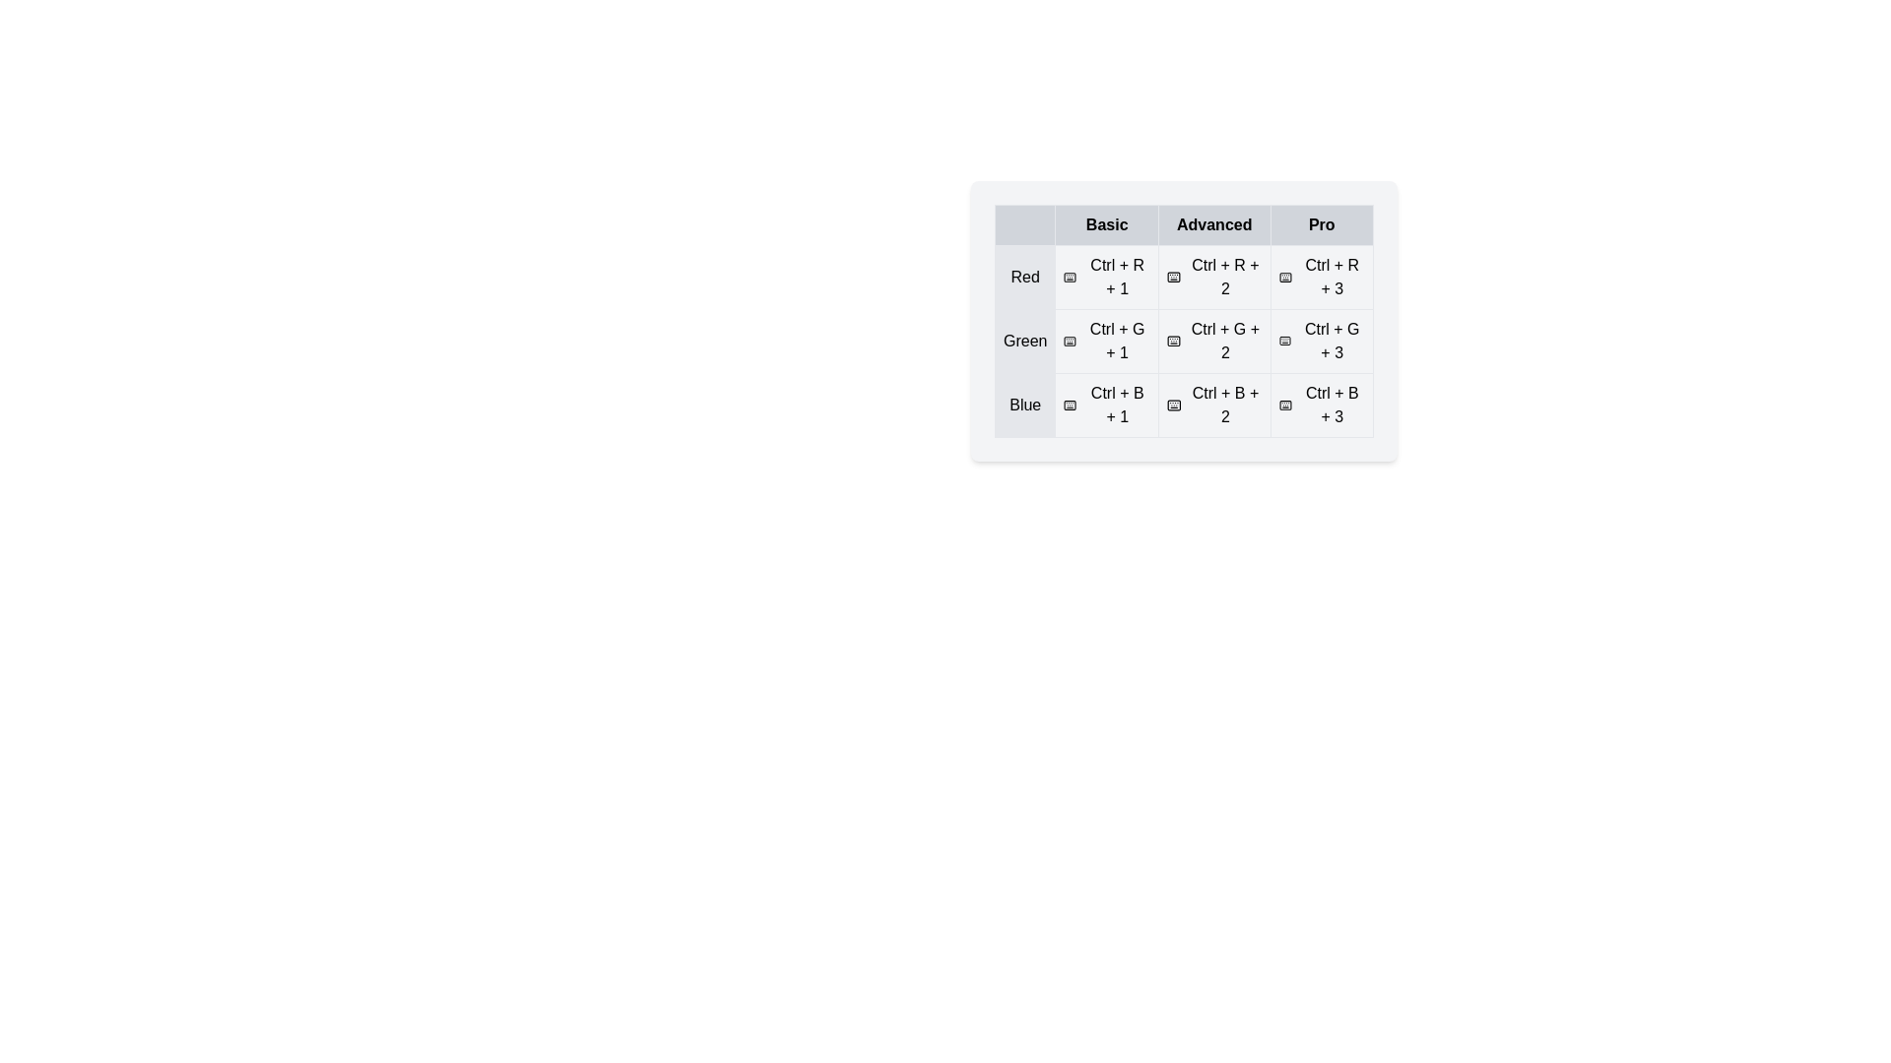  What do you see at coordinates (1183, 405) in the screenshot?
I see `the text block labeled 'Advanced' in the third row of the table under the 'Blue' category, which indicates a command or shortcut` at bounding box center [1183, 405].